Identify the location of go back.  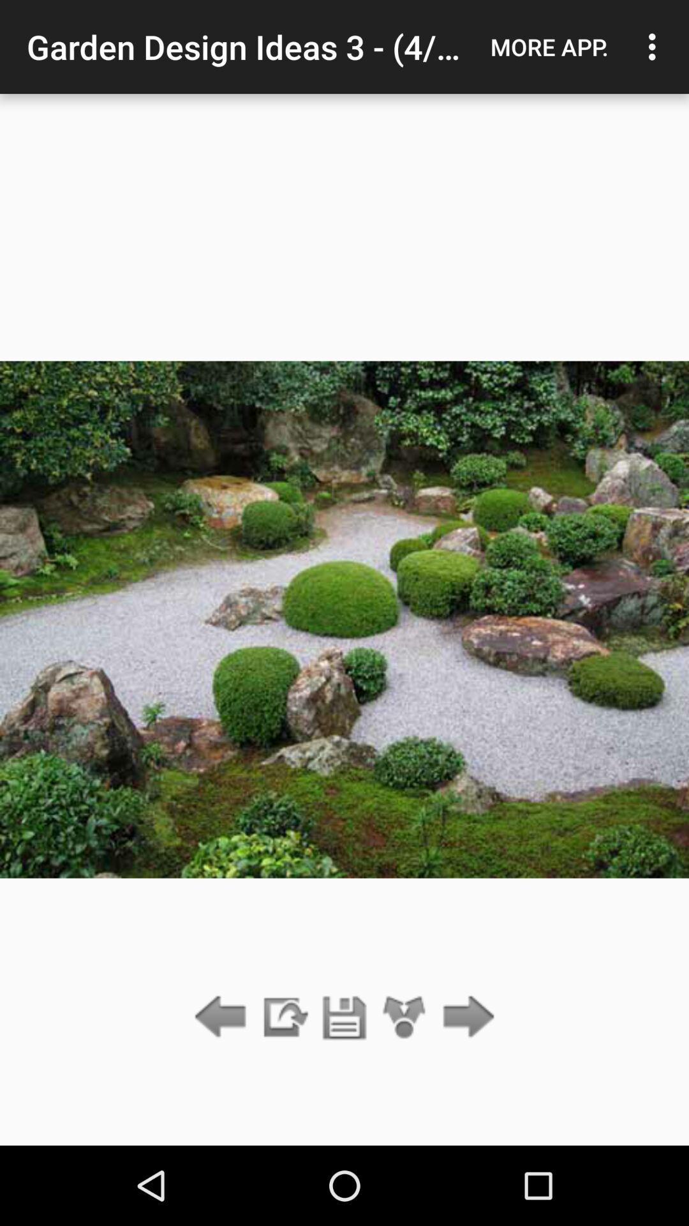
(223, 1017).